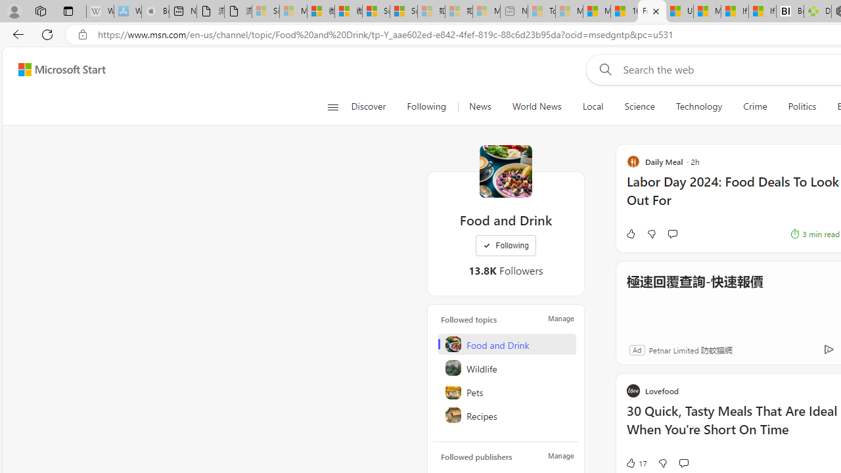 Image resolution: width=841 pixels, height=473 pixels. What do you see at coordinates (602, 69) in the screenshot?
I see `'Web search'` at bounding box center [602, 69].